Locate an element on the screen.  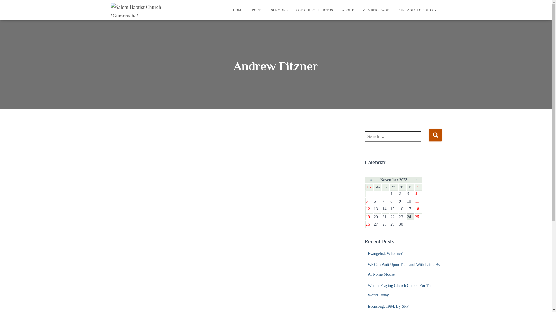
'HOME' is located at coordinates (238, 10).